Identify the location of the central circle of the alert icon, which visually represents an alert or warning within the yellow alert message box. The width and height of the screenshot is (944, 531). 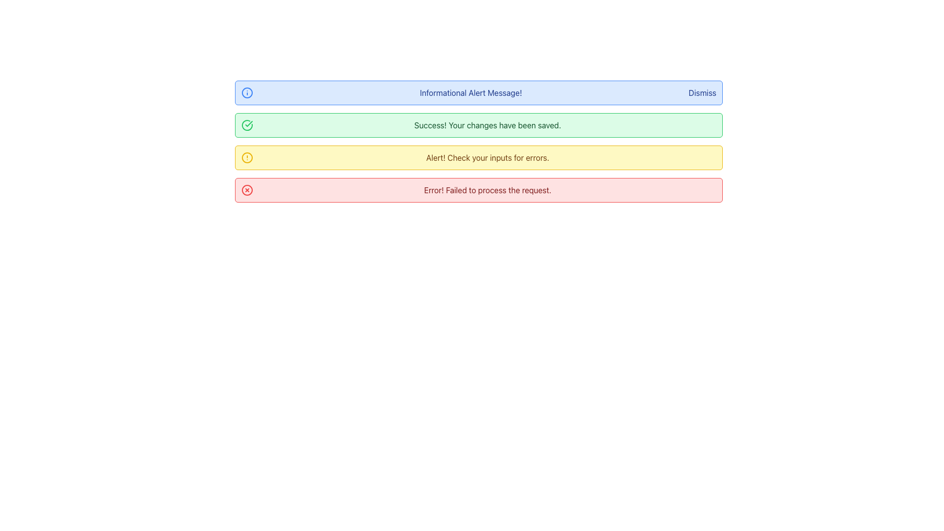
(247, 157).